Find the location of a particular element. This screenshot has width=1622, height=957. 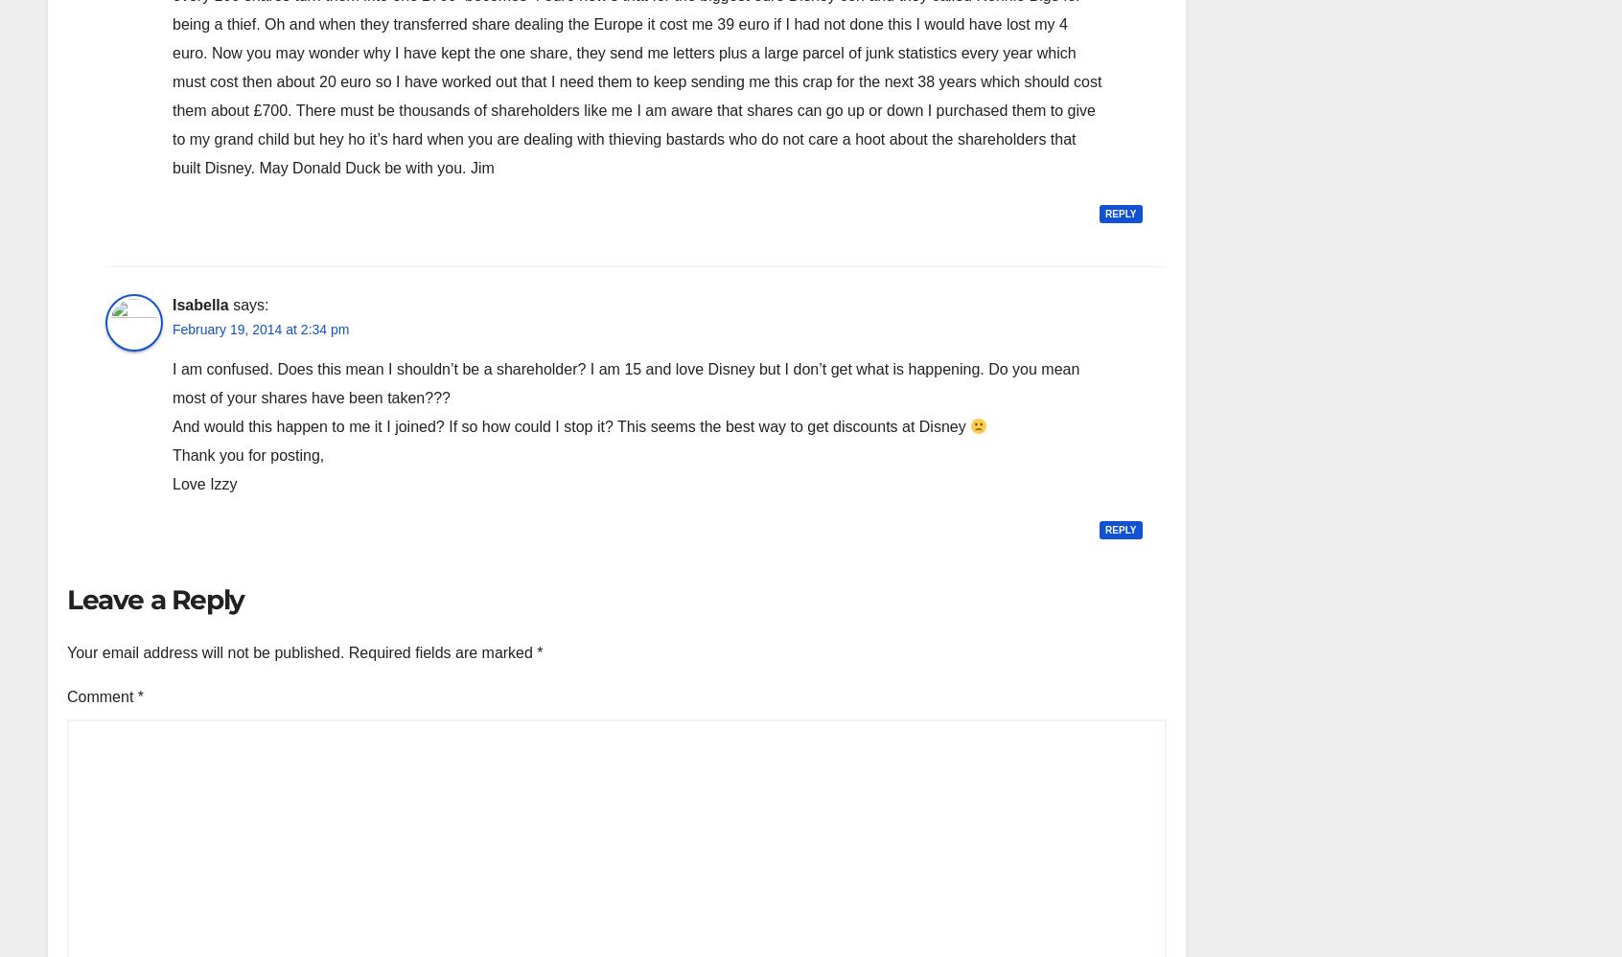

'I am confused. Does this mean I shouldn’t be a shareholder? I am 15 and love Disney but I don’t get what is happening. Do you mean most of your shares have been taken???' is located at coordinates (625, 382).